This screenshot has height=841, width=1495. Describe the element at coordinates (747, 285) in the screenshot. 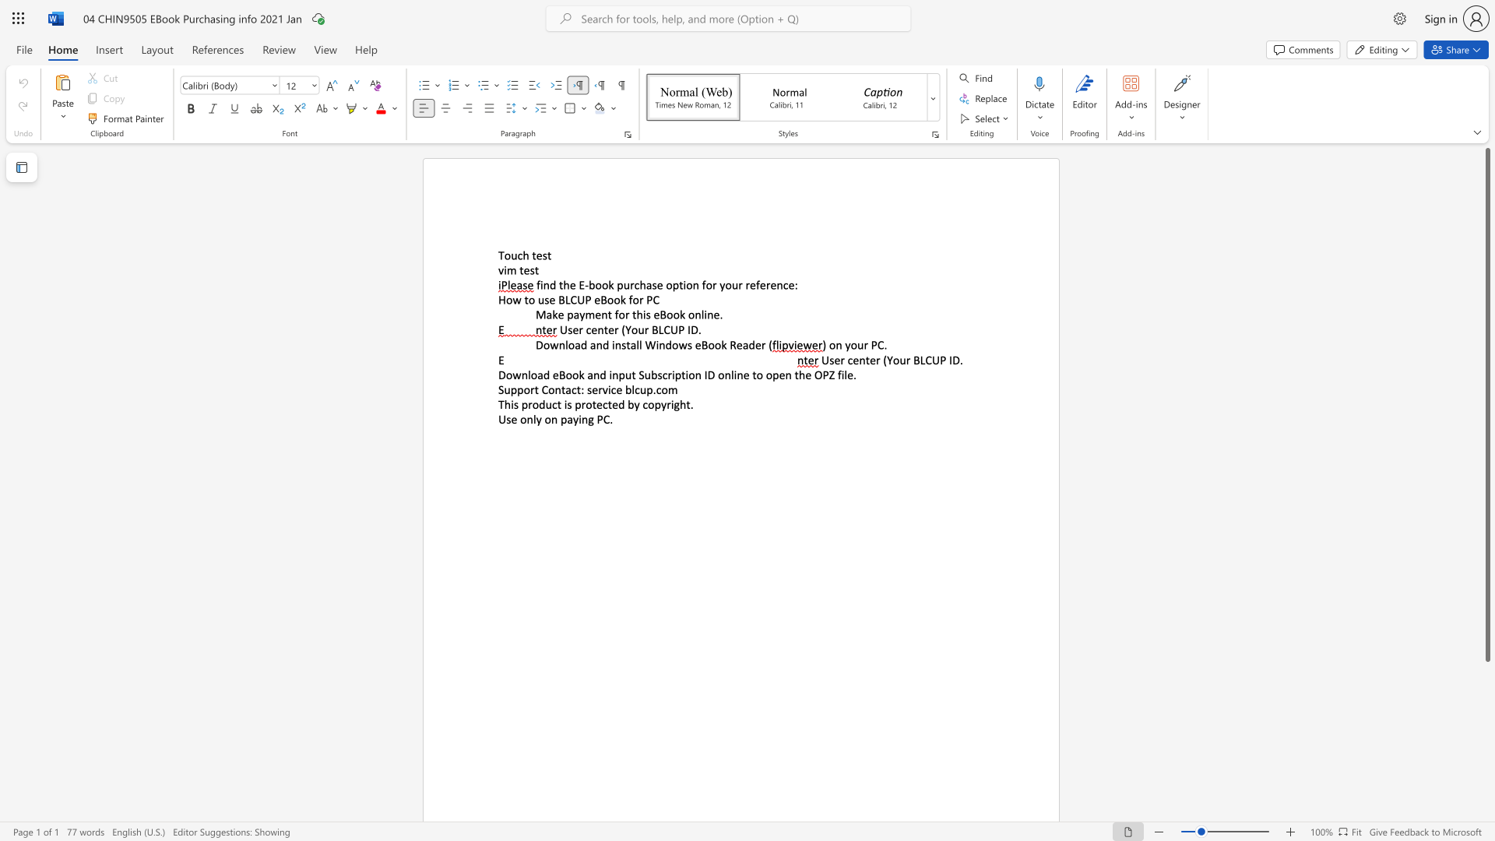

I see `the 3th character "r" in the text` at that location.